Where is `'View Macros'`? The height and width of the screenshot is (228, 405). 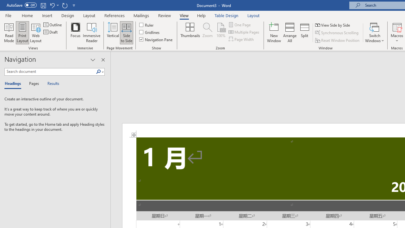
'View Macros' is located at coordinates (397, 27).